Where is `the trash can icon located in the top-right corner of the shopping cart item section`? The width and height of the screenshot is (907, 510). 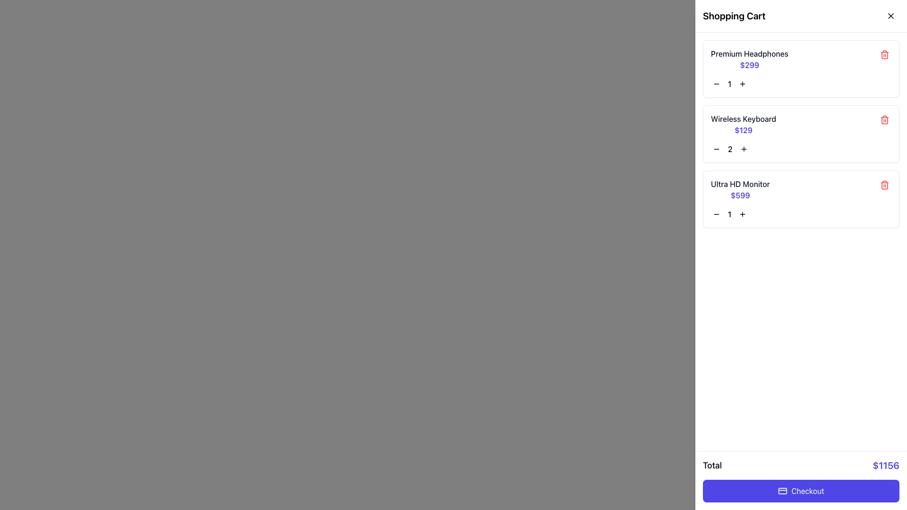
the trash can icon located in the top-right corner of the shopping cart item section is located at coordinates (884, 55).